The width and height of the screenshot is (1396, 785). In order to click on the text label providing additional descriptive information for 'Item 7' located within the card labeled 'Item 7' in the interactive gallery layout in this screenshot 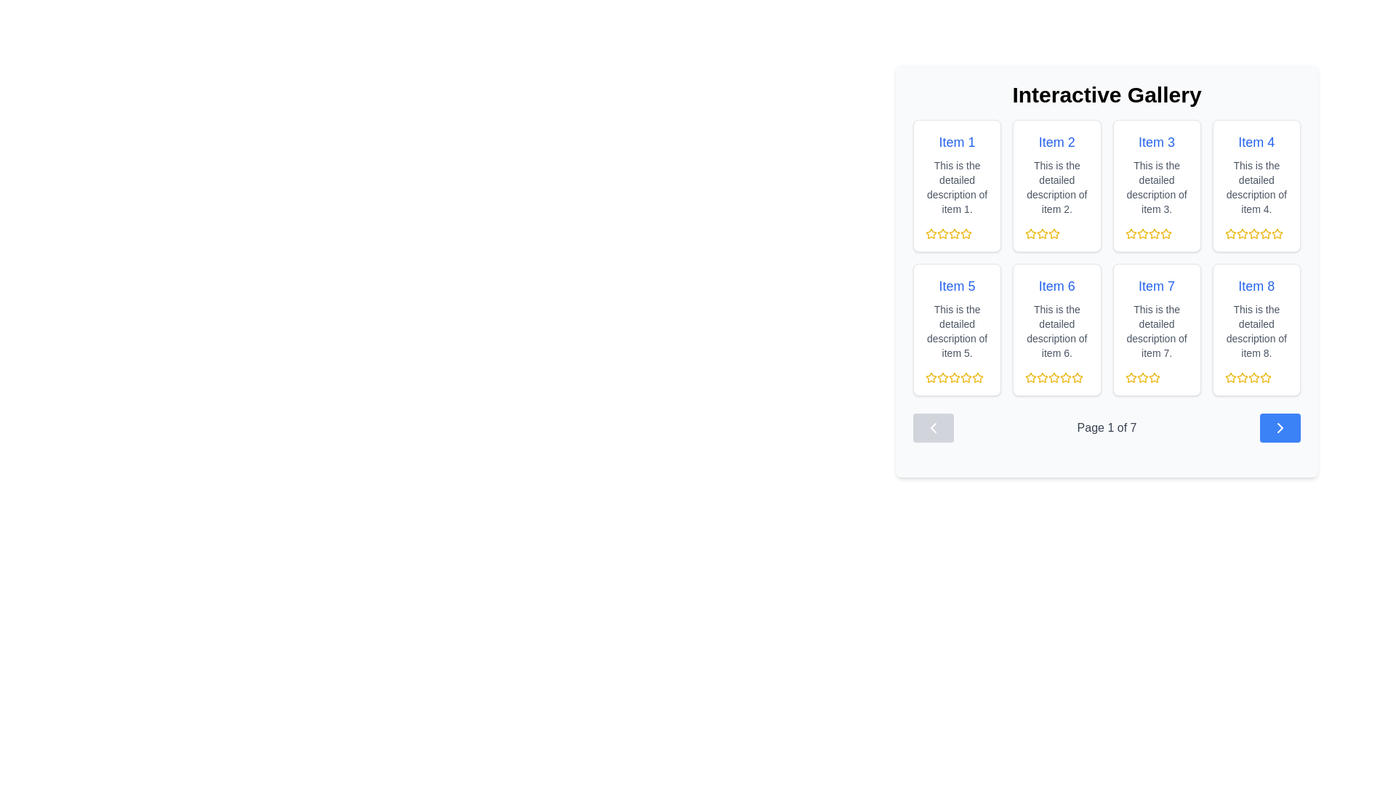, I will do `click(1156, 331)`.